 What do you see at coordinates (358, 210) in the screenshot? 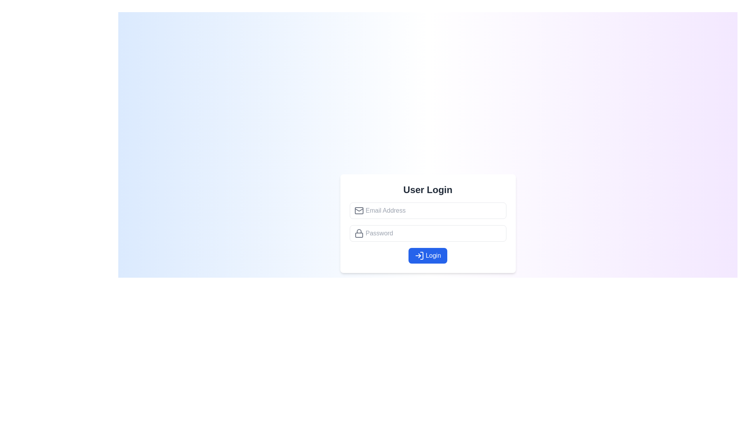
I see `the small gray envelope icon located to the left of the 'Email Address' input field in the user login form` at bounding box center [358, 210].